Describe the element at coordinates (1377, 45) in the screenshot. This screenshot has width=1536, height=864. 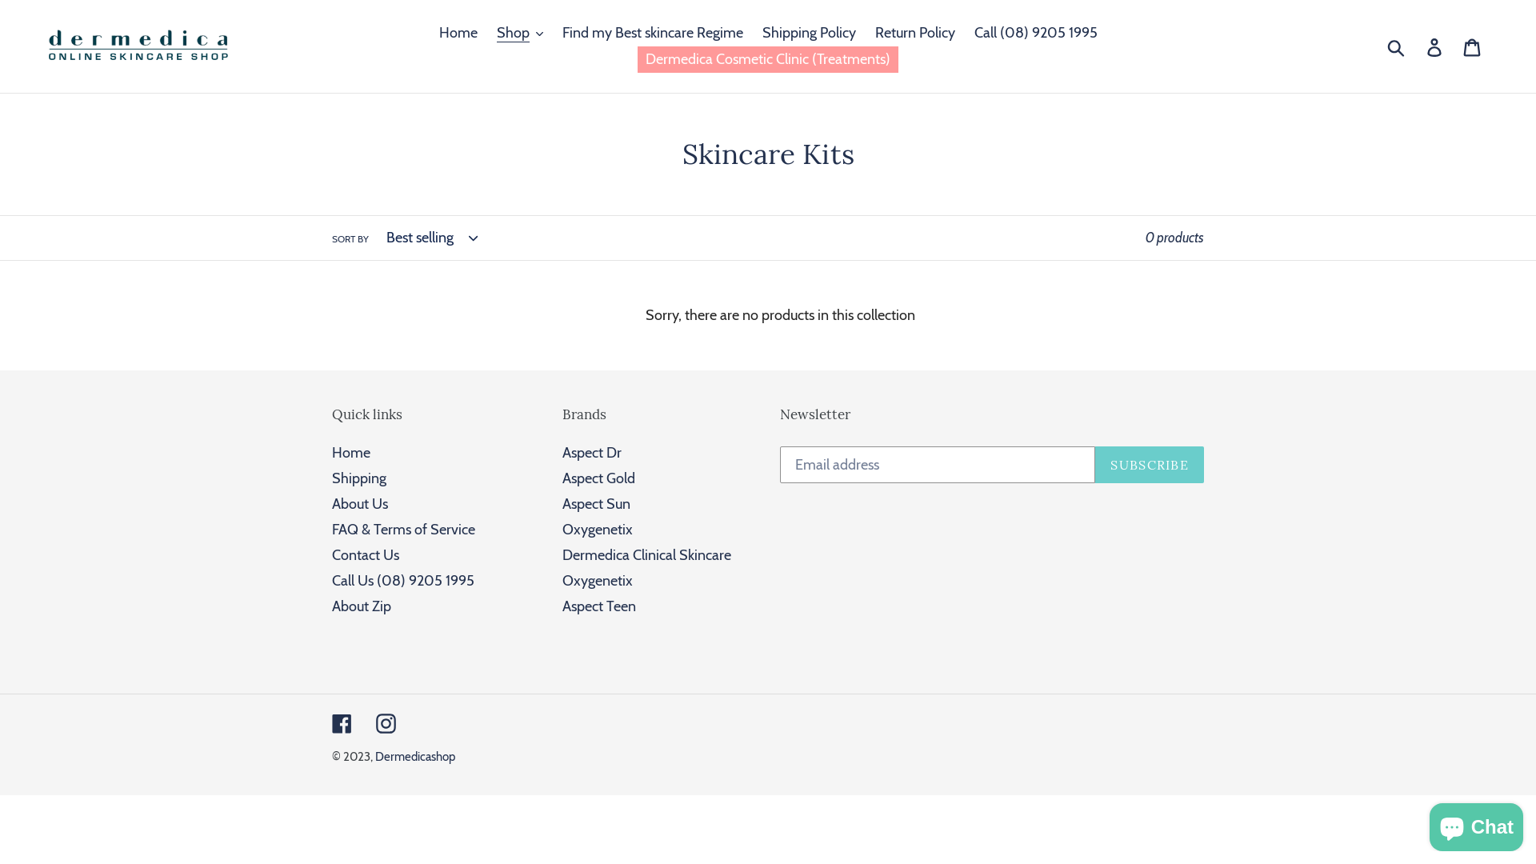
I see `'Submit'` at that location.